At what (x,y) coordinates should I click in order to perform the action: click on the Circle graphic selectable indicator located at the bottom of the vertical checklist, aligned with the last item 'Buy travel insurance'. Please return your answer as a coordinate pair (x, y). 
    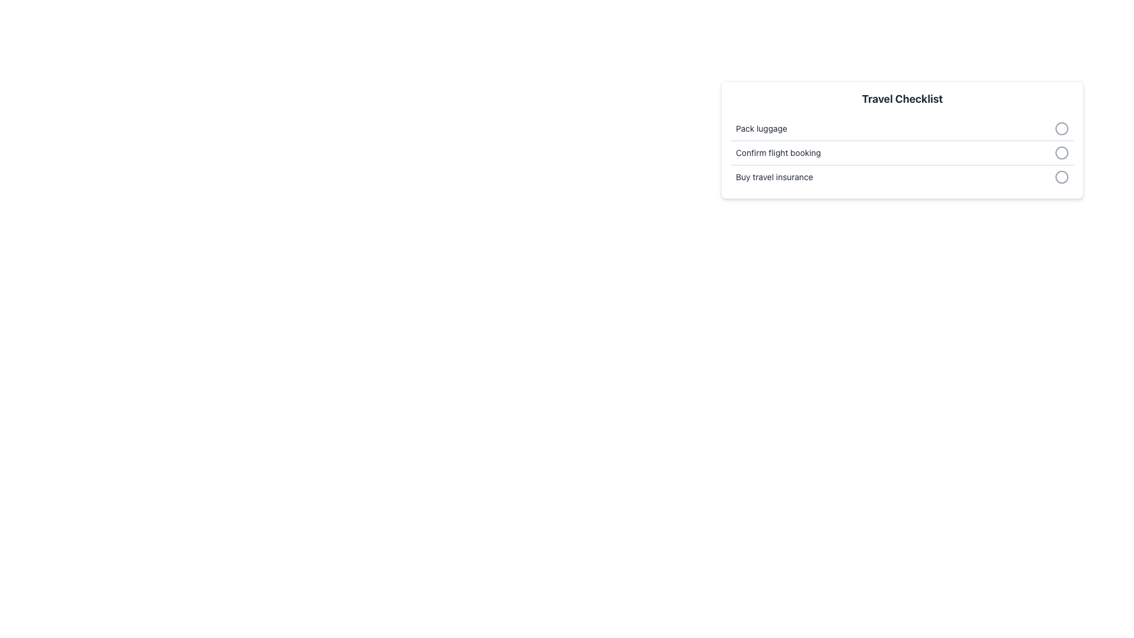
    Looking at the image, I should click on (1062, 177).